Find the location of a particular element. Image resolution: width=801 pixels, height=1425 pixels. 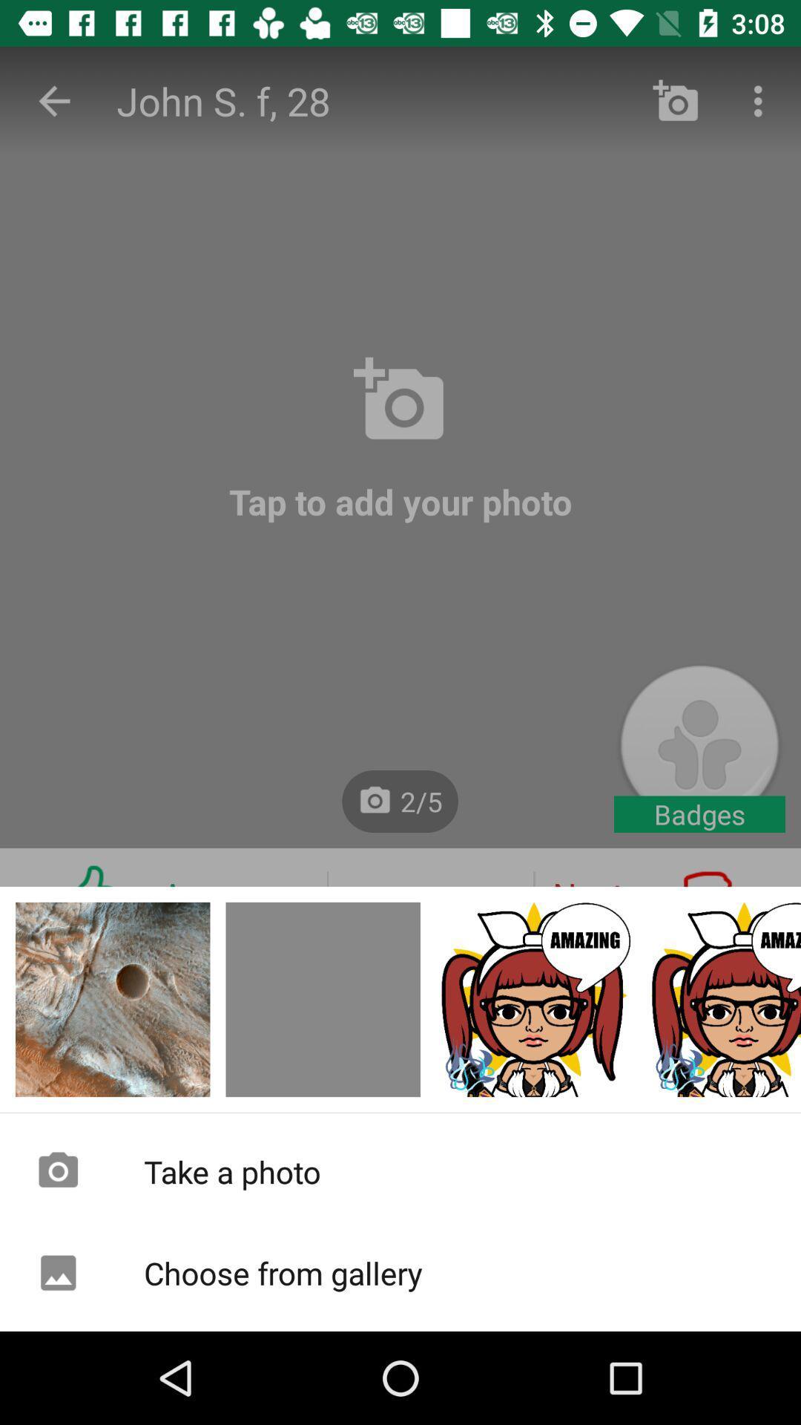

the picture is located at coordinates (722, 1000).